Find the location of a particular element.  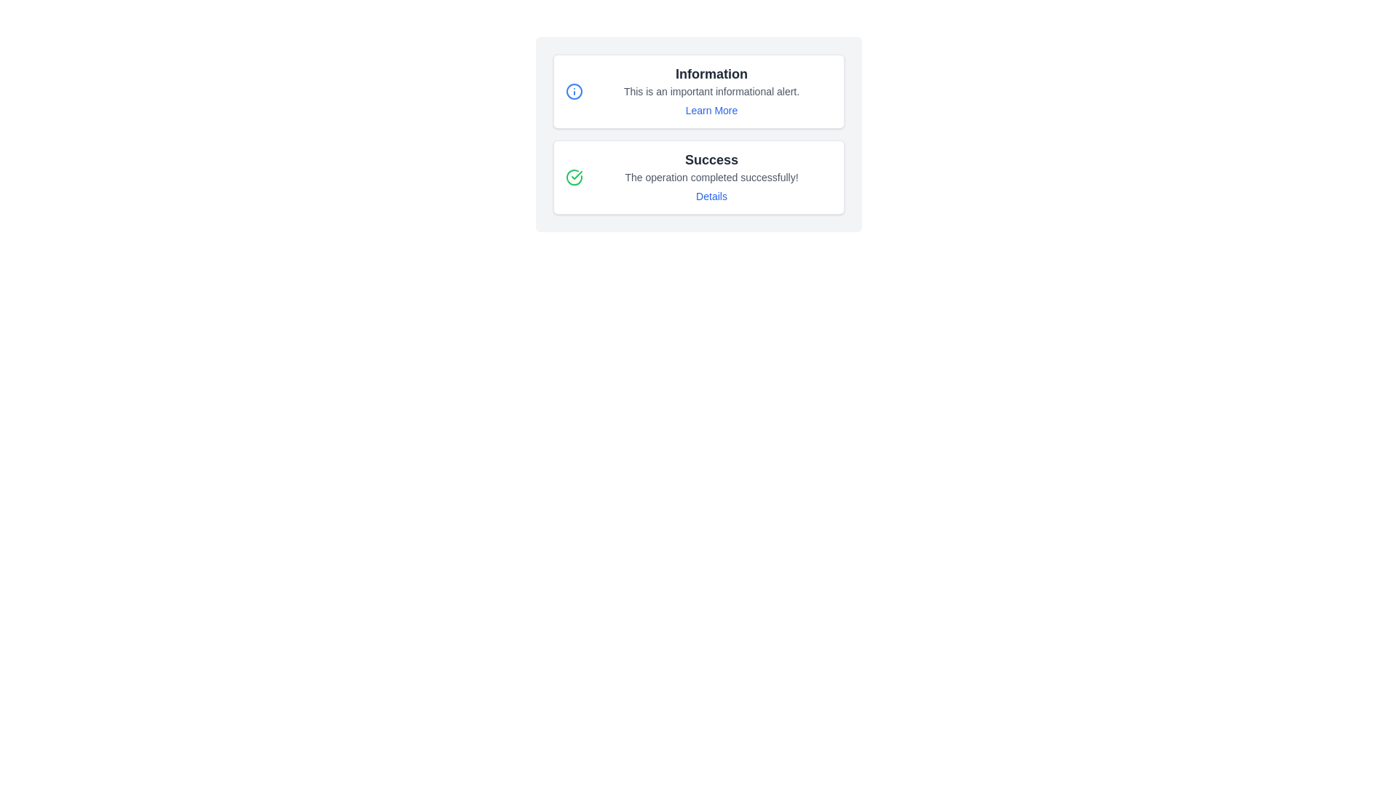

the title 'Information' displayed in a bold, large dark gray font at the top of the informational alert box is located at coordinates (711, 74).